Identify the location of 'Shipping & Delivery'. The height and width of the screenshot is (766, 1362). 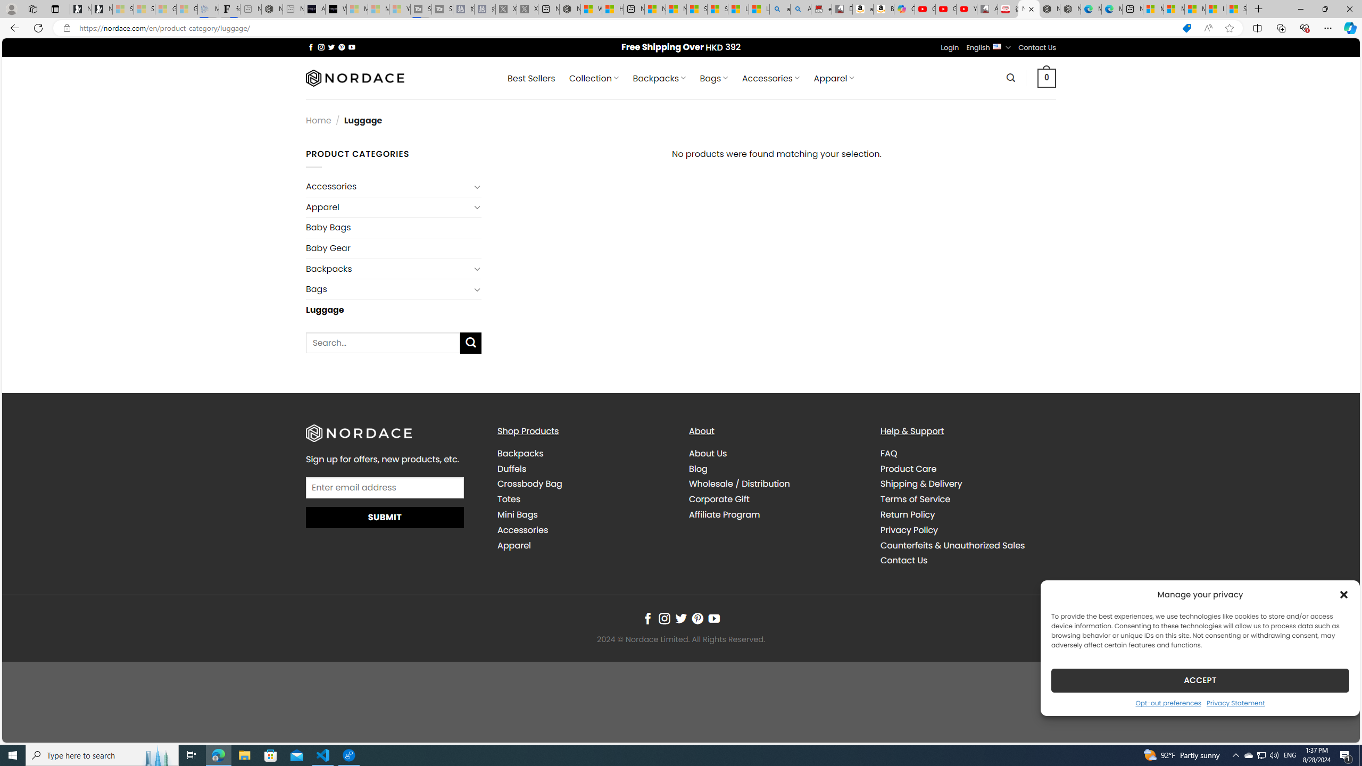
(921, 484).